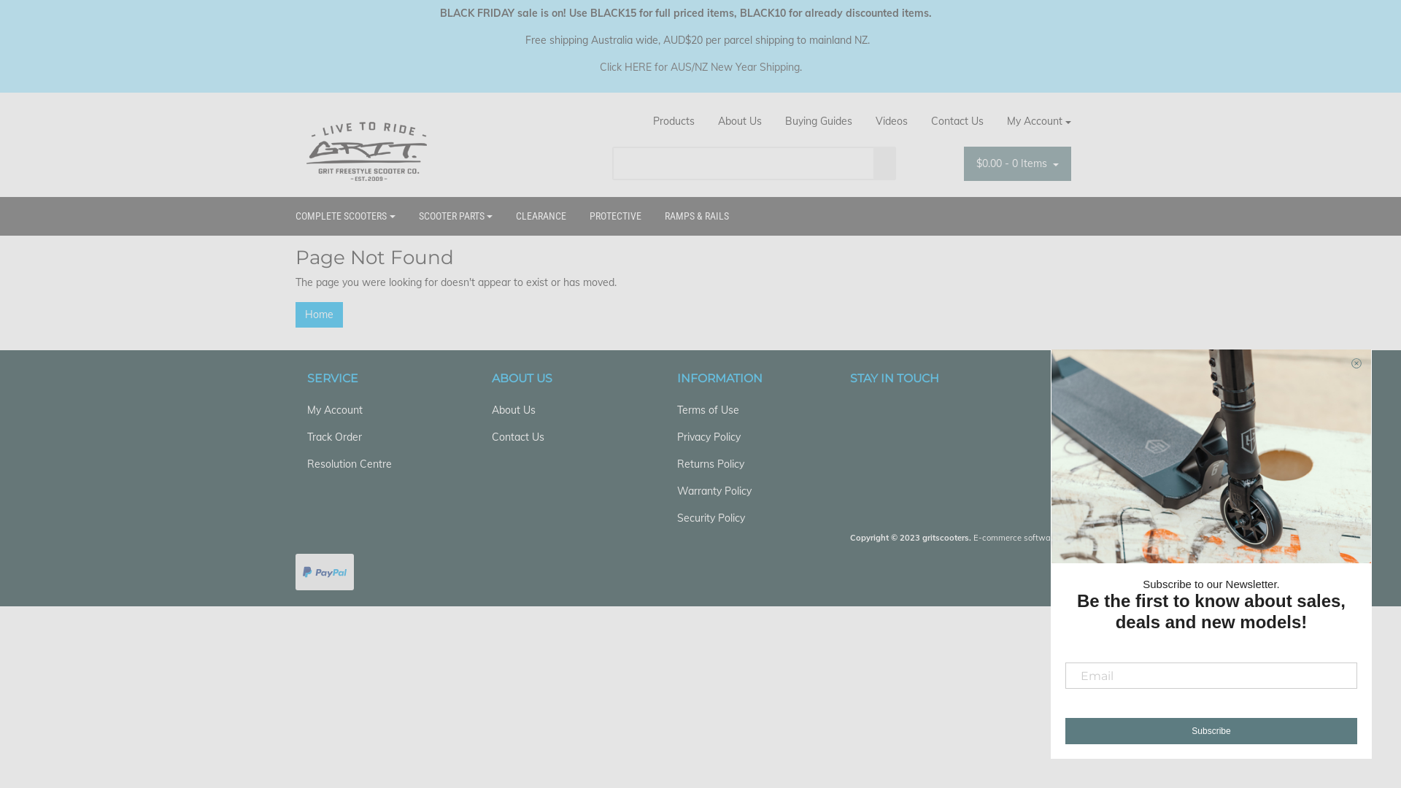  I want to click on 'Resolution Centre', so click(377, 464).